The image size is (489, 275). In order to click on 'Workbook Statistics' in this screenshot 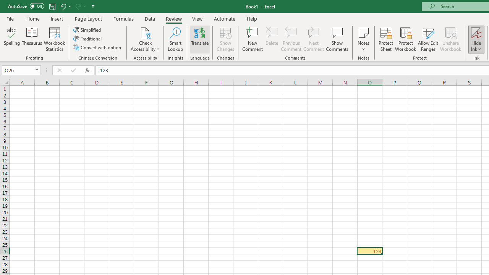, I will do `click(54, 39)`.